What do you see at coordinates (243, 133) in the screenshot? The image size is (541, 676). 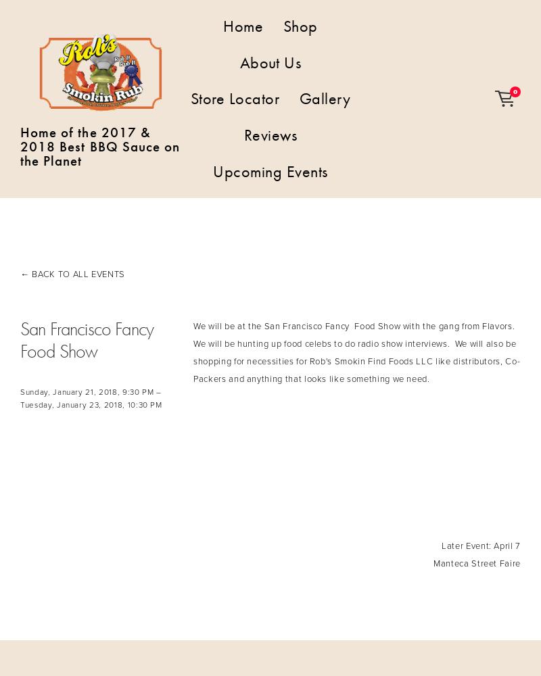 I see `'Reviews'` at bounding box center [243, 133].